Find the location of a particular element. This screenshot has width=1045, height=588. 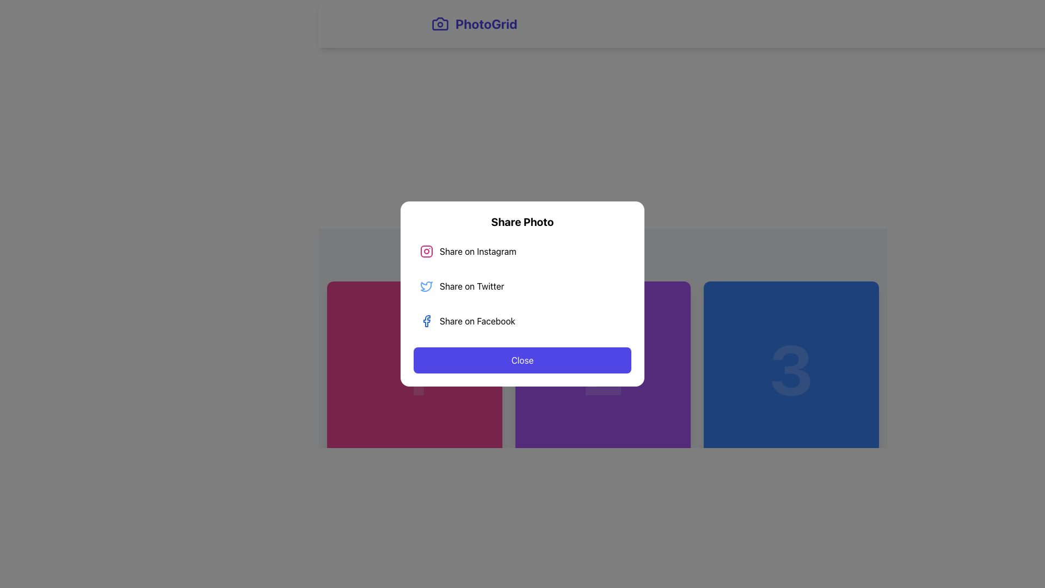

the 'Share on Twitter' button is located at coordinates (522, 285).